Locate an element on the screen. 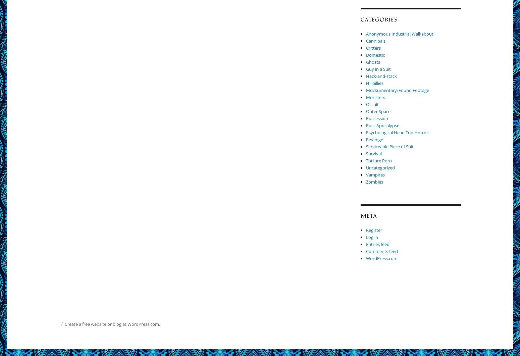 The image size is (520, 356). 'Log in' is located at coordinates (366, 237).